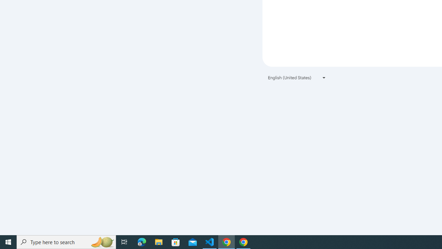 The width and height of the screenshot is (442, 249). I want to click on 'English (United States)', so click(297, 77).